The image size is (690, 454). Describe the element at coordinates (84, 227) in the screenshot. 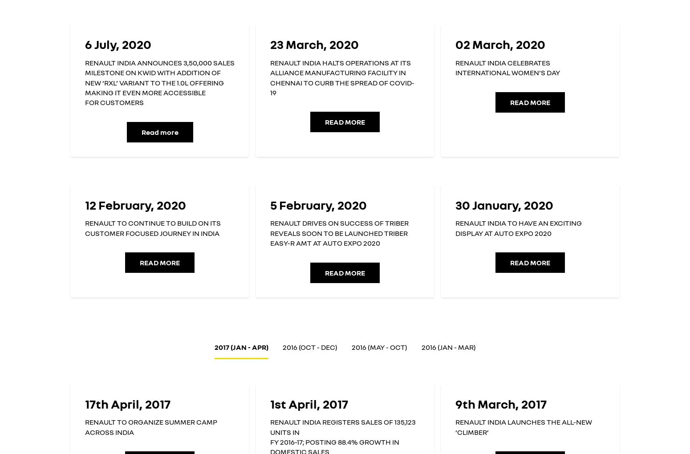

I see `'RENAULT TO CONTINUE TO BUILD ON ITS CUSTOMER FOCUSED JOURNEY IN INDIA'` at that location.